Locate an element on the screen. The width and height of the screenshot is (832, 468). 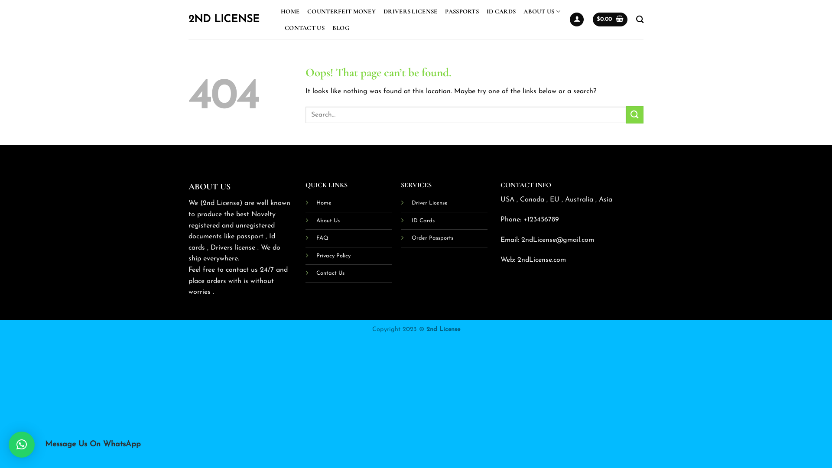
'Contact Us' is located at coordinates (330, 272).